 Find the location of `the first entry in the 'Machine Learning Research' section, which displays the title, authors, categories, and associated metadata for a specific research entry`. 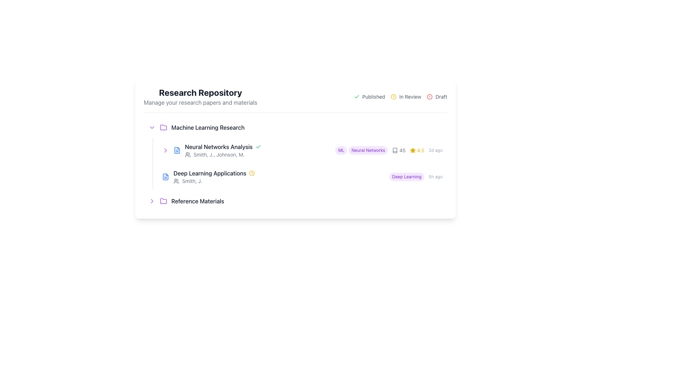

the first entry in the 'Machine Learning Research' section, which displays the title, authors, categories, and associated metadata for a specific research entry is located at coordinates (302, 150).